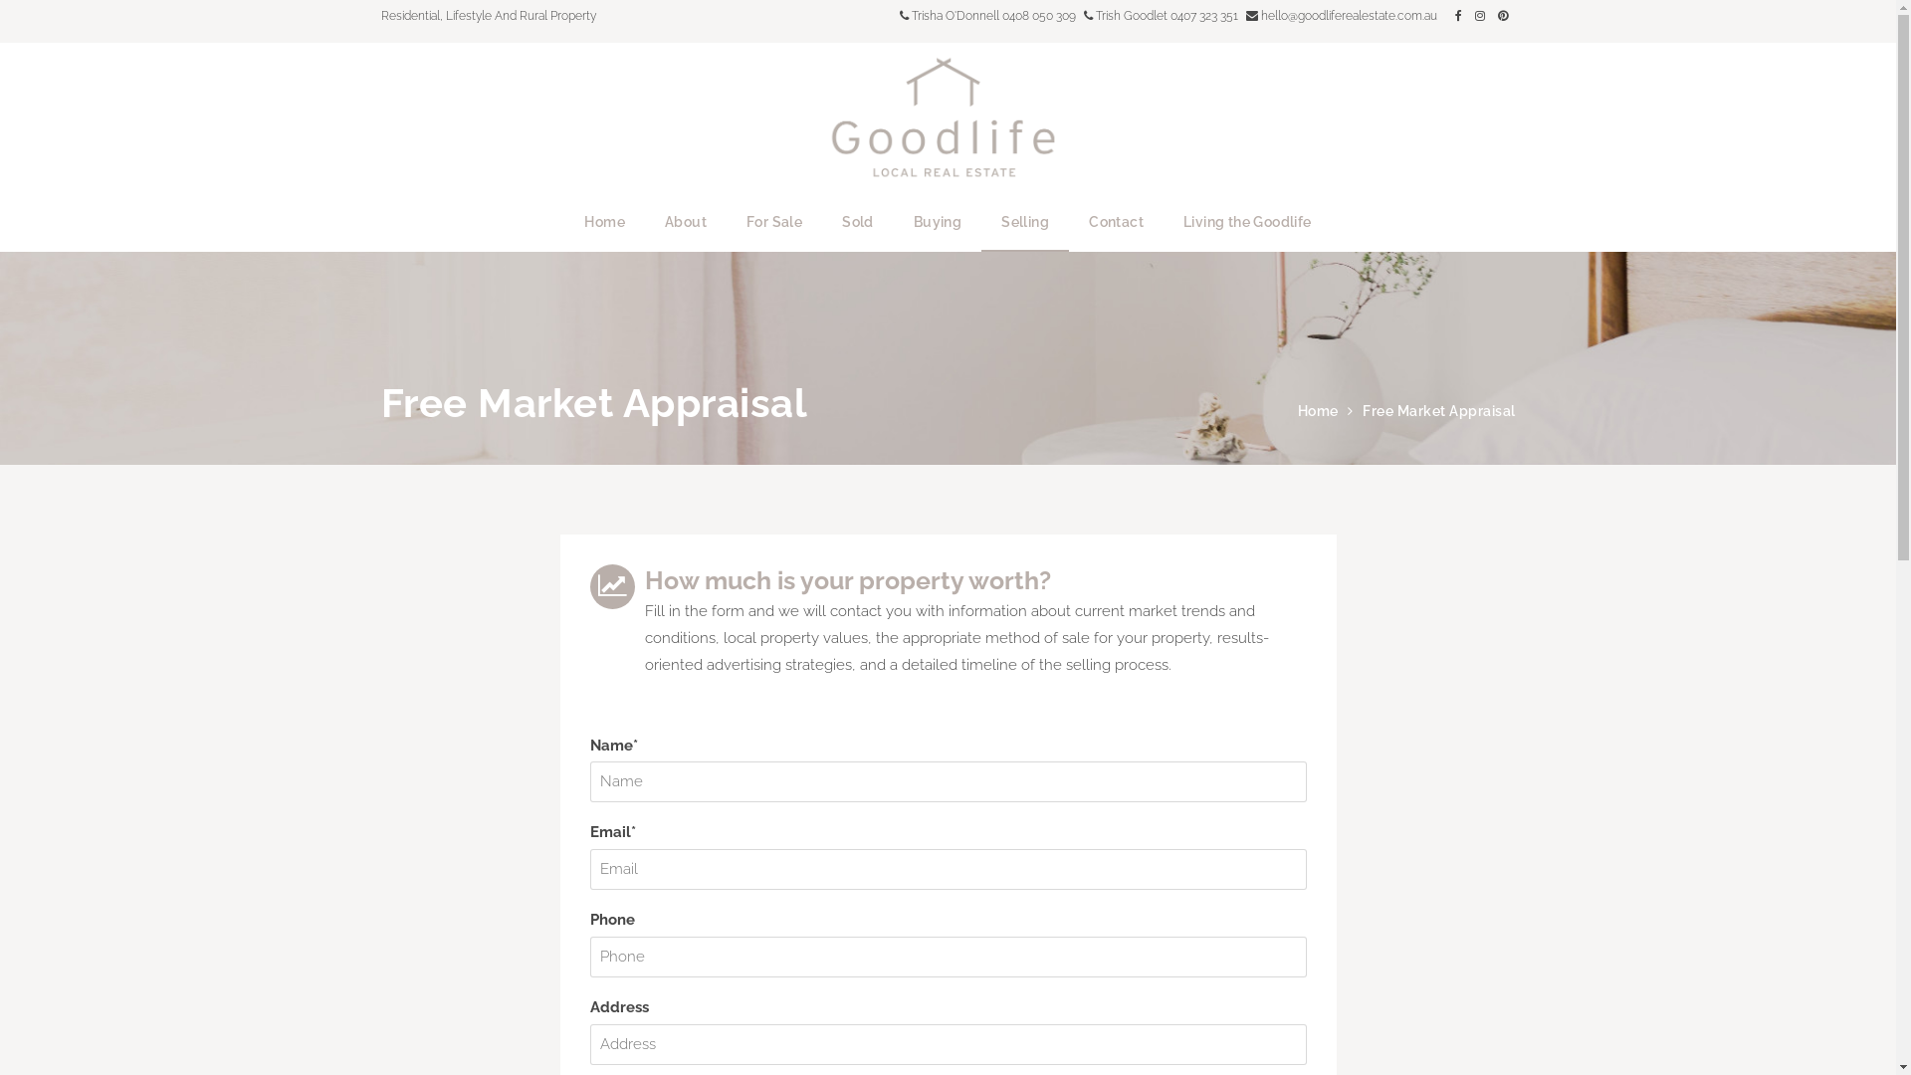 This screenshot has height=1075, width=1911. I want to click on 'Living the Goodlife', so click(1164, 222).